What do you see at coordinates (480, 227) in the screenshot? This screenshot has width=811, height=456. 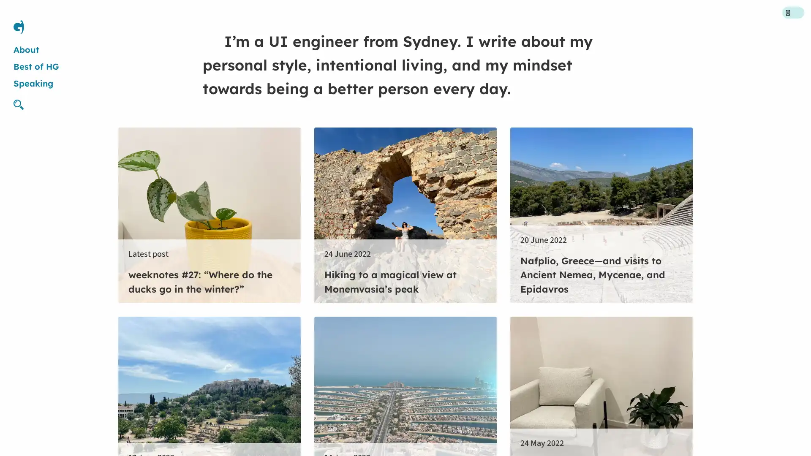 I see `Search` at bounding box center [480, 227].